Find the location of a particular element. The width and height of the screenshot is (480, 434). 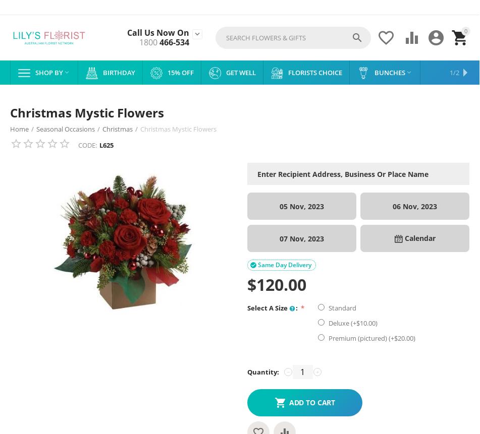

'Get Well' is located at coordinates (240, 72).